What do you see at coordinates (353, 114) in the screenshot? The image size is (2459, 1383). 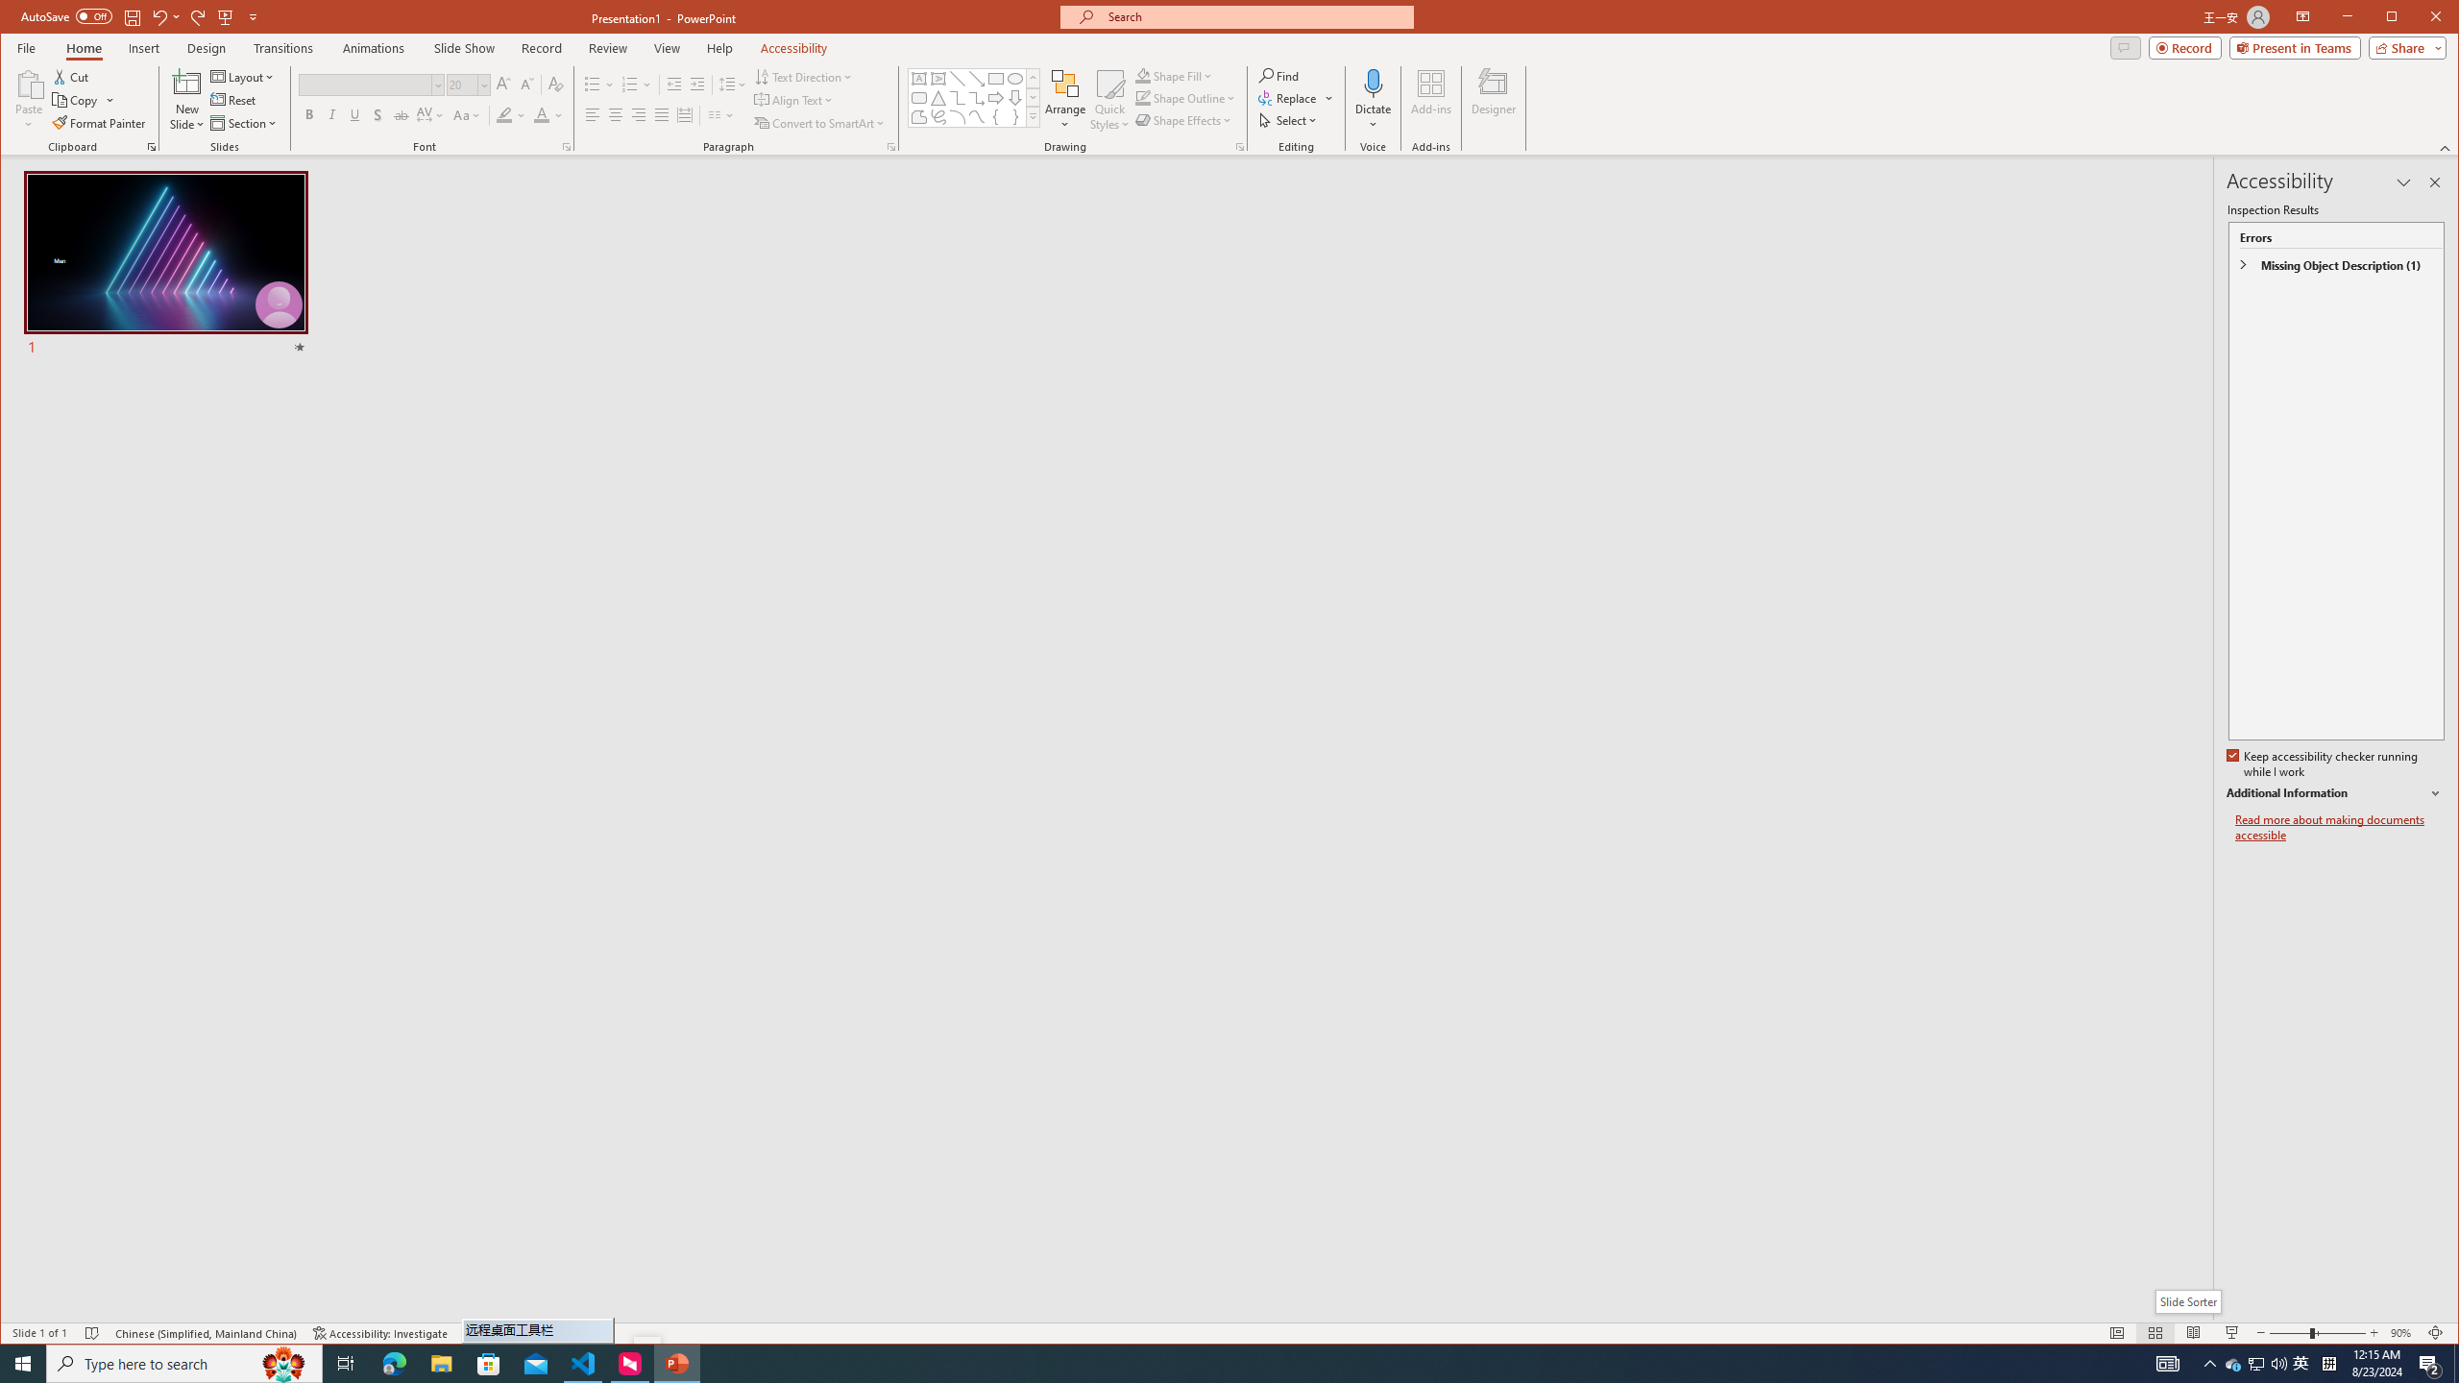 I see `'Underline'` at bounding box center [353, 114].